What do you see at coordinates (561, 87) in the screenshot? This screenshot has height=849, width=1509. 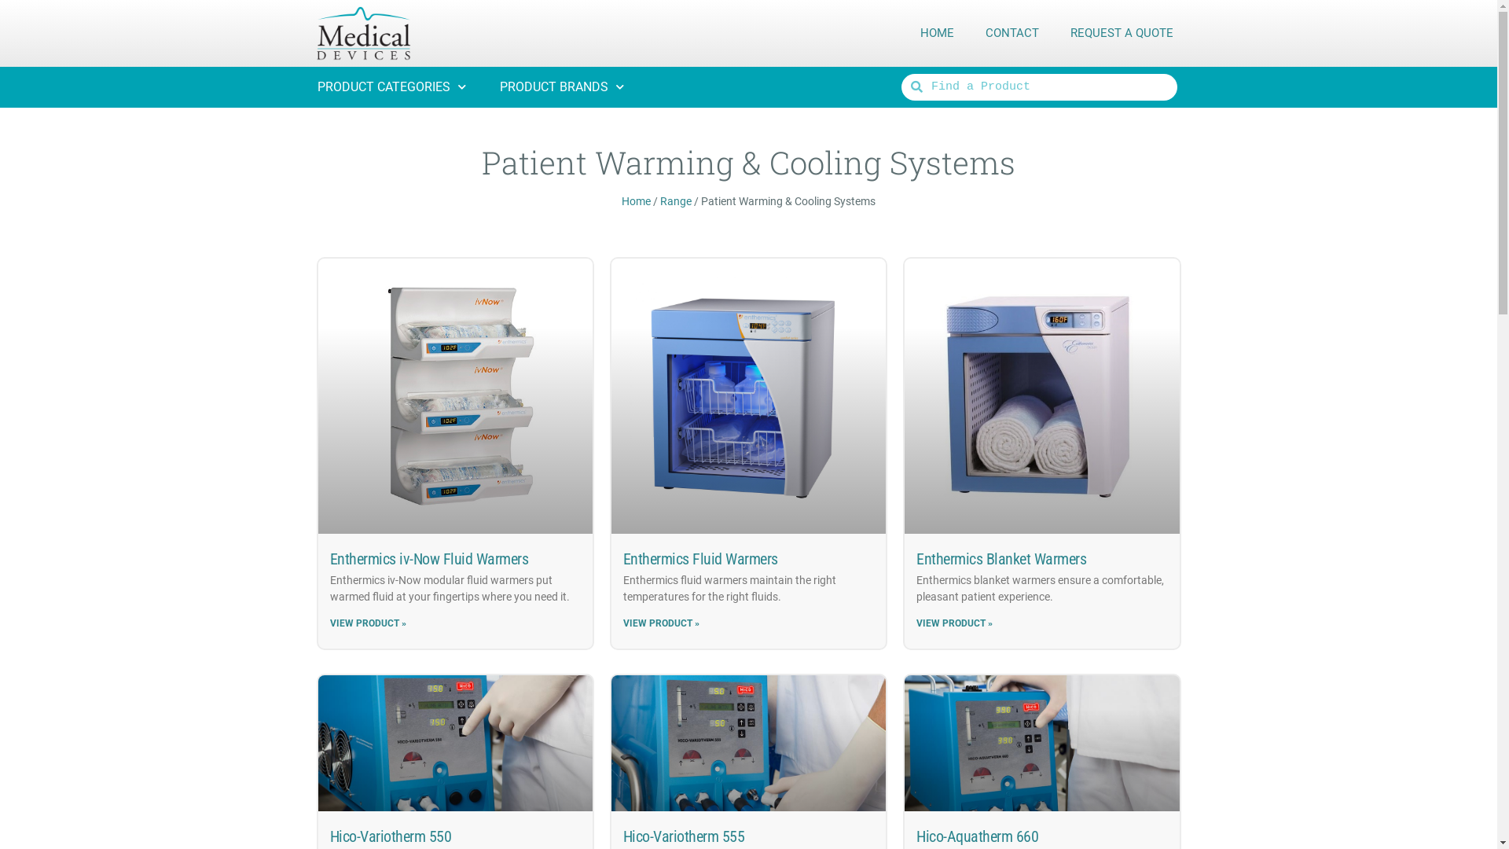 I see `'PRODUCT BRANDS'` at bounding box center [561, 87].